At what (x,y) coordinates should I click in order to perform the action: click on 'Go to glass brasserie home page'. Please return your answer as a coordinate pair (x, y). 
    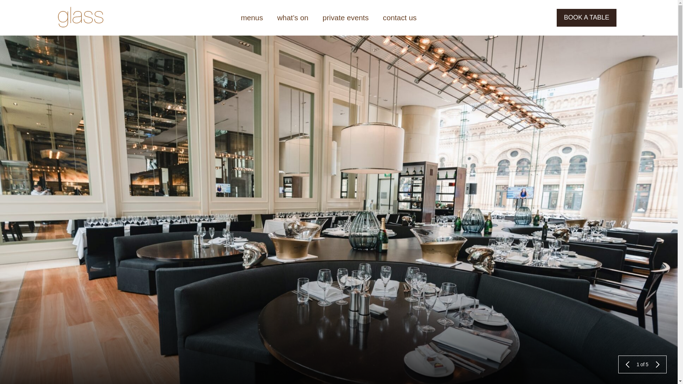
    Looking at the image, I should click on (58, 17).